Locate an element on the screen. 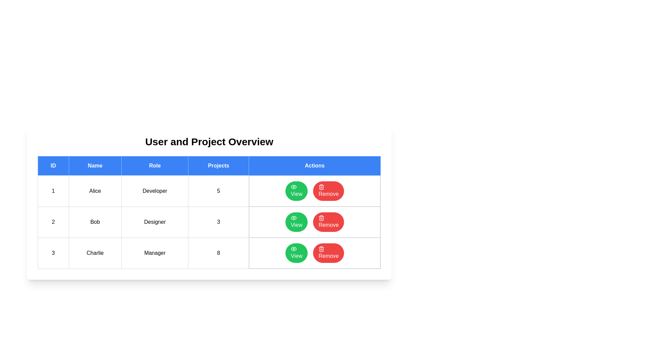 The image size is (647, 364). the 'View' button corresponding to the user with ID 2 is located at coordinates (297, 222).